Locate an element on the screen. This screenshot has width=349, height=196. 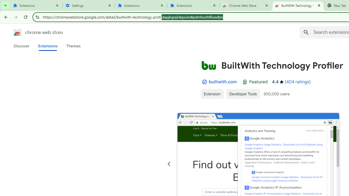
'Extension' is located at coordinates (212, 93).